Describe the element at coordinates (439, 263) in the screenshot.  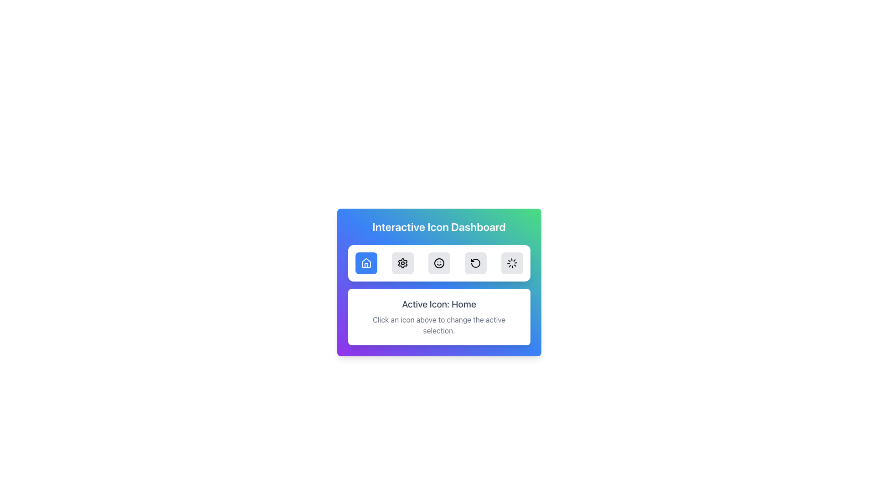
I see `the smiley face icon located in the third slot of the horizontal menu on the Interactive Icon Dashboard` at that location.